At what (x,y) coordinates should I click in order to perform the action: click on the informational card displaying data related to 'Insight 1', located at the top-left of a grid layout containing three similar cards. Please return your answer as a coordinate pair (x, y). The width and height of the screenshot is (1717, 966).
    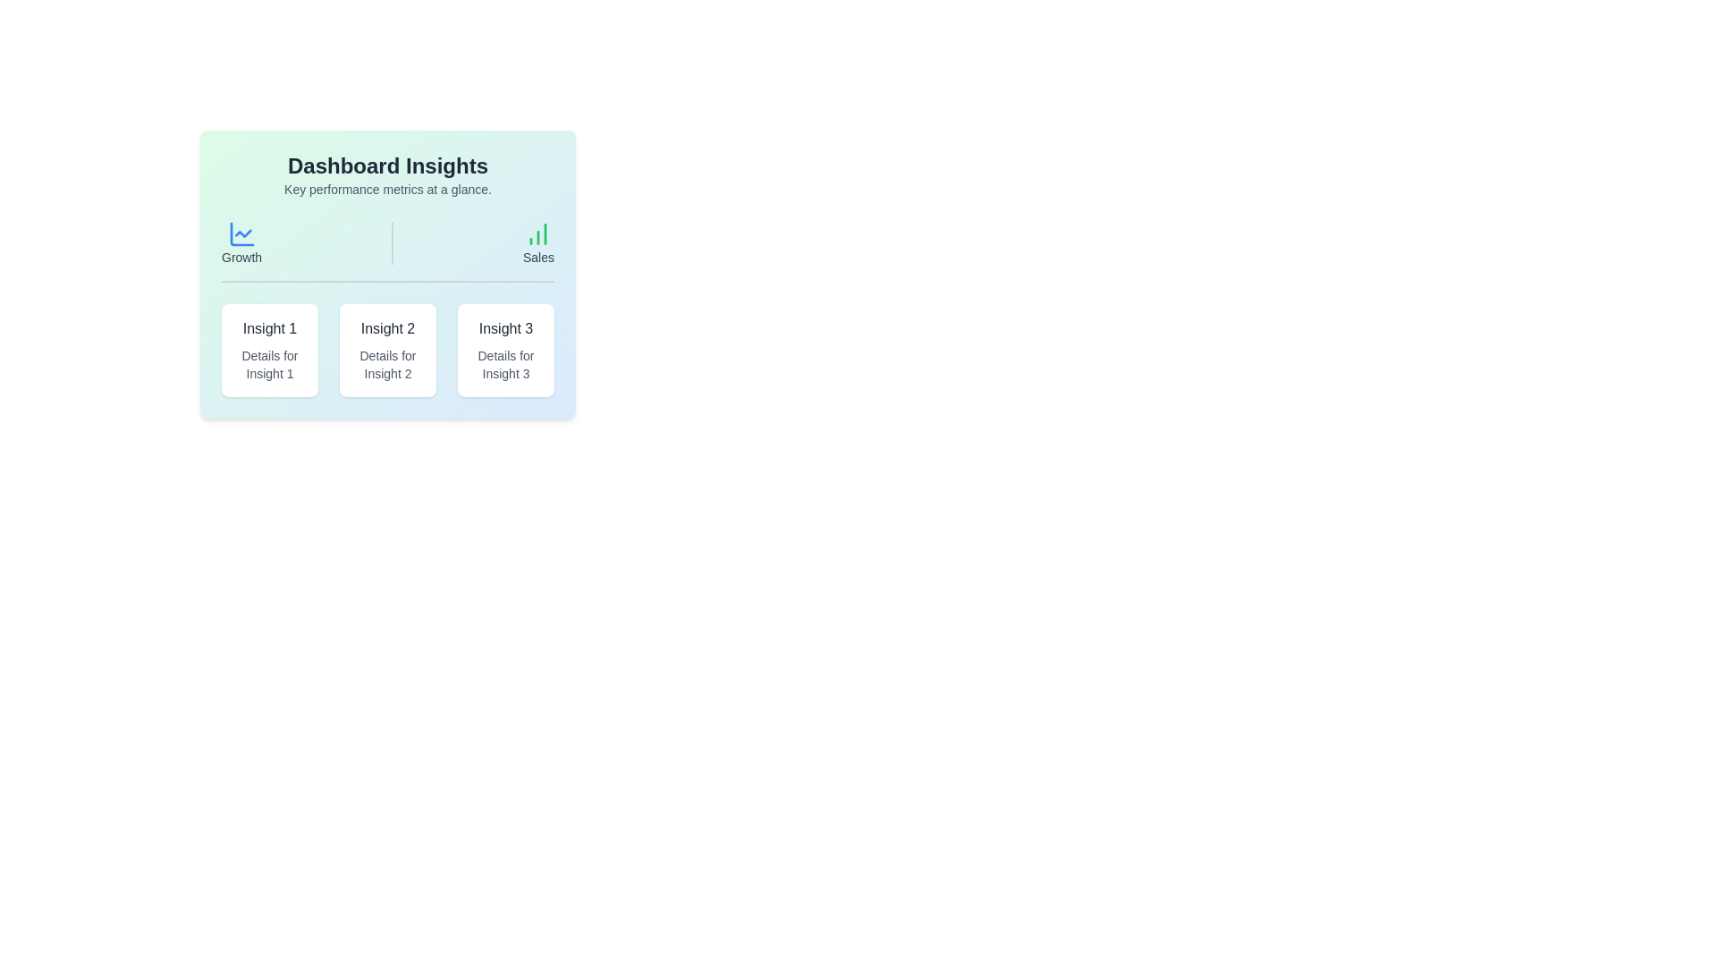
    Looking at the image, I should click on (269, 351).